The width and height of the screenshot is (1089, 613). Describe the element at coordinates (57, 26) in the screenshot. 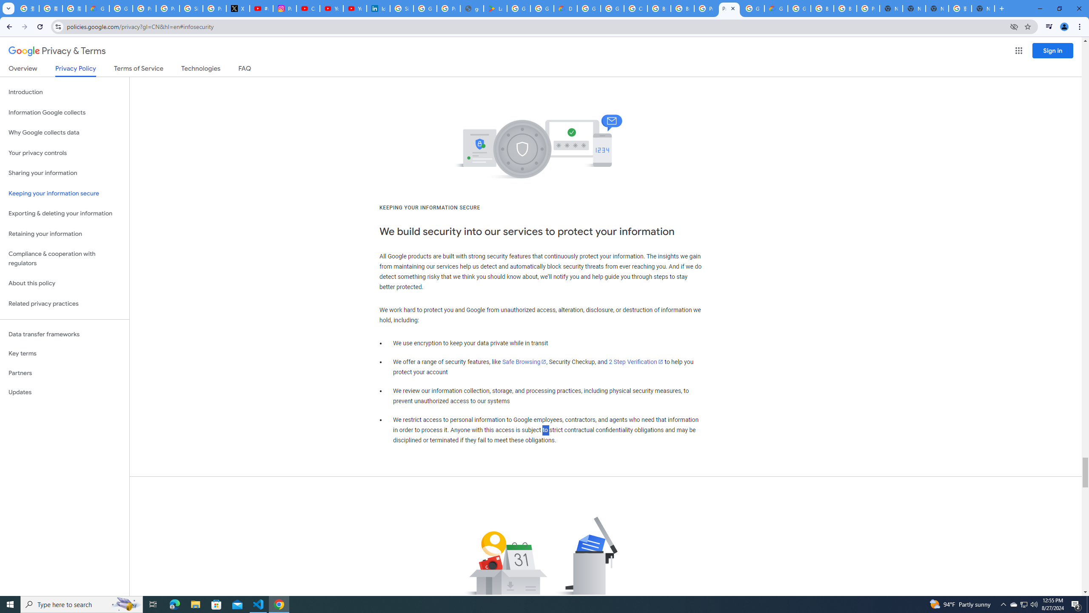

I see `'View site information'` at that location.